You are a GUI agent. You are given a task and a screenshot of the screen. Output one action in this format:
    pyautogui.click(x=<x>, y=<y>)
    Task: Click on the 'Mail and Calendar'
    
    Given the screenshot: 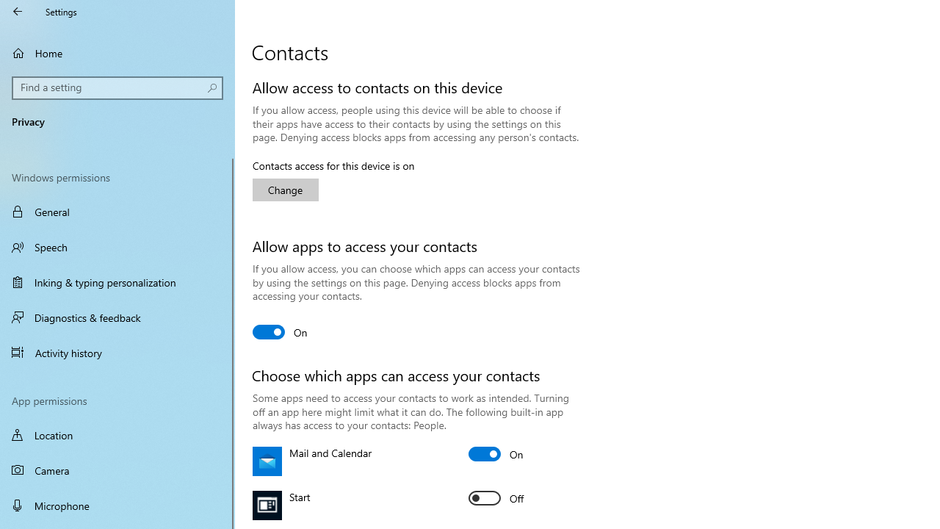 What is the action you would take?
    pyautogui.click(x=496, y=453)
    